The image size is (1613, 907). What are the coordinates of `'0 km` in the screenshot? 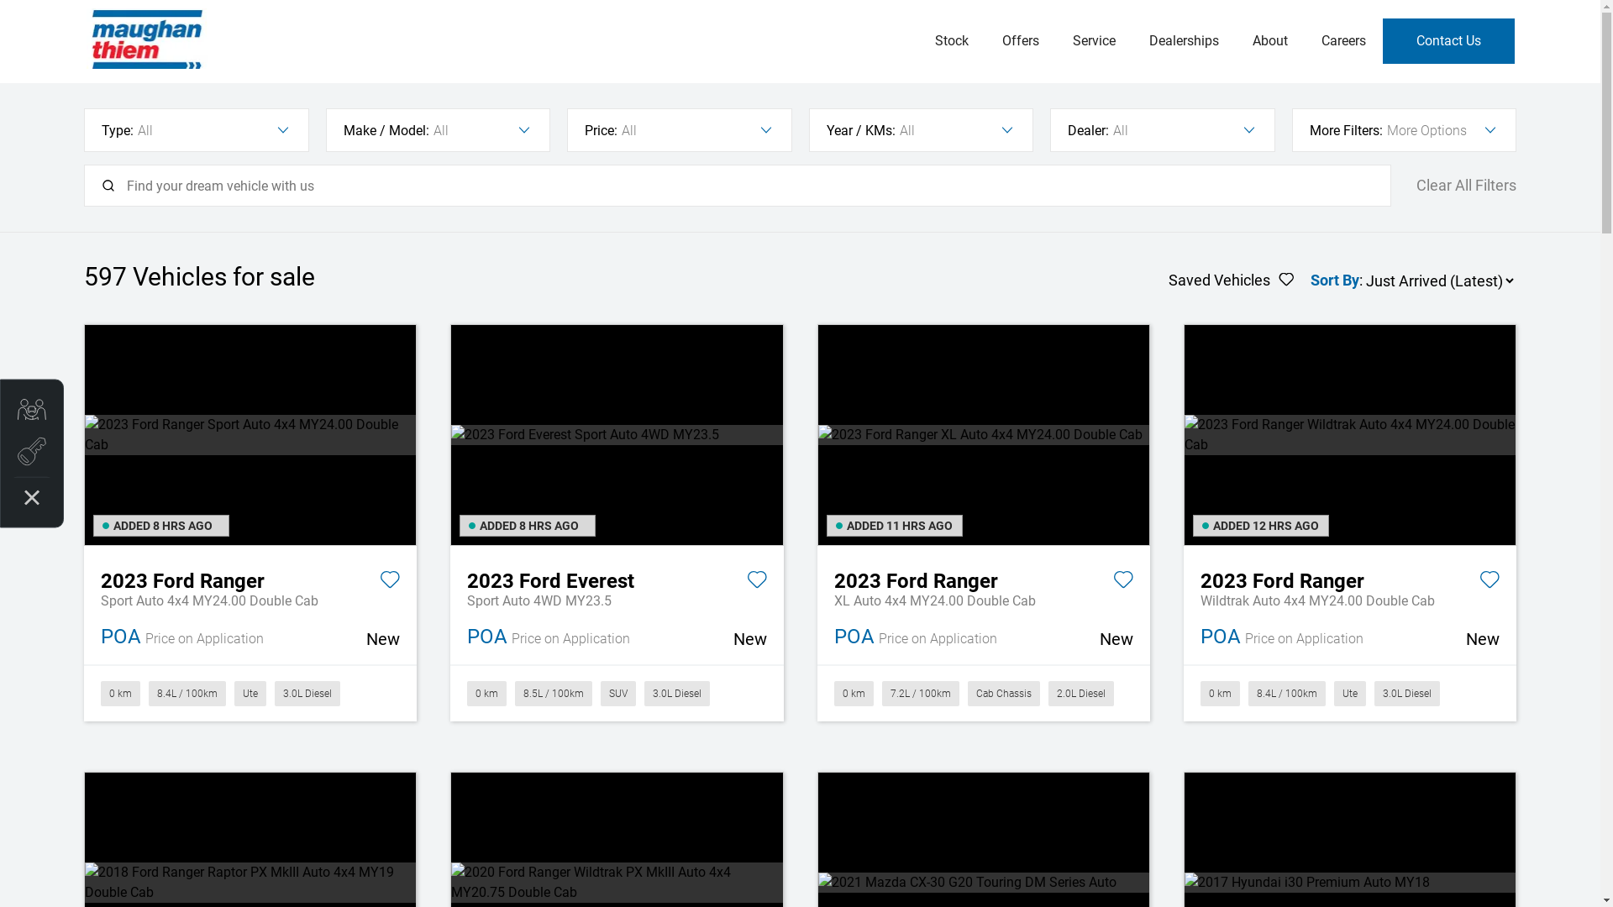 It's located at (616, 693).